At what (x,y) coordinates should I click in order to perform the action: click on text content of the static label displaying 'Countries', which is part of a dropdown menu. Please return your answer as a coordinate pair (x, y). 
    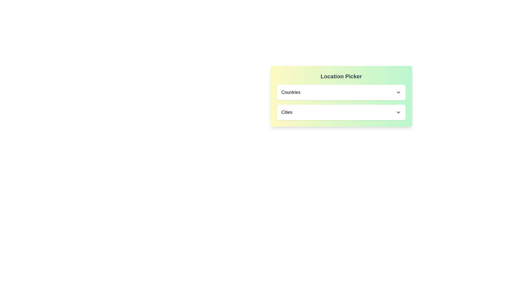
    Looking at the image, I should click on (290, 92).